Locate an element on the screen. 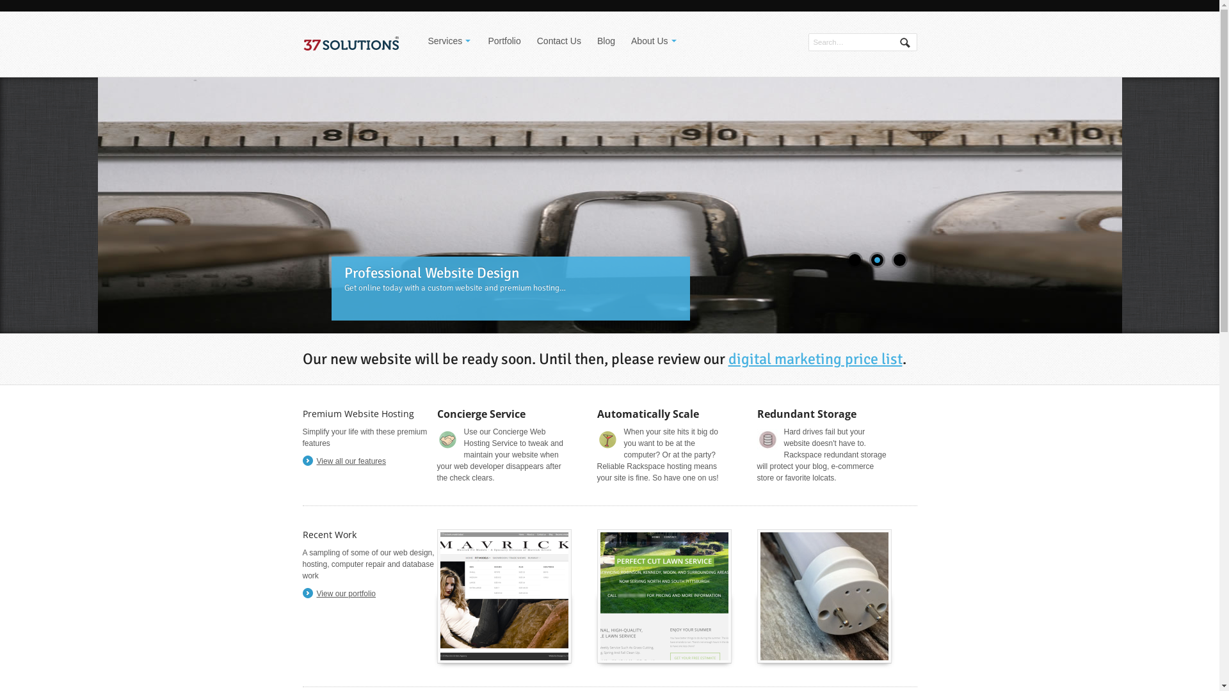 The width and height of the screenshot is (1229, 691). 'Blog' is located at coordinates (605, 41).